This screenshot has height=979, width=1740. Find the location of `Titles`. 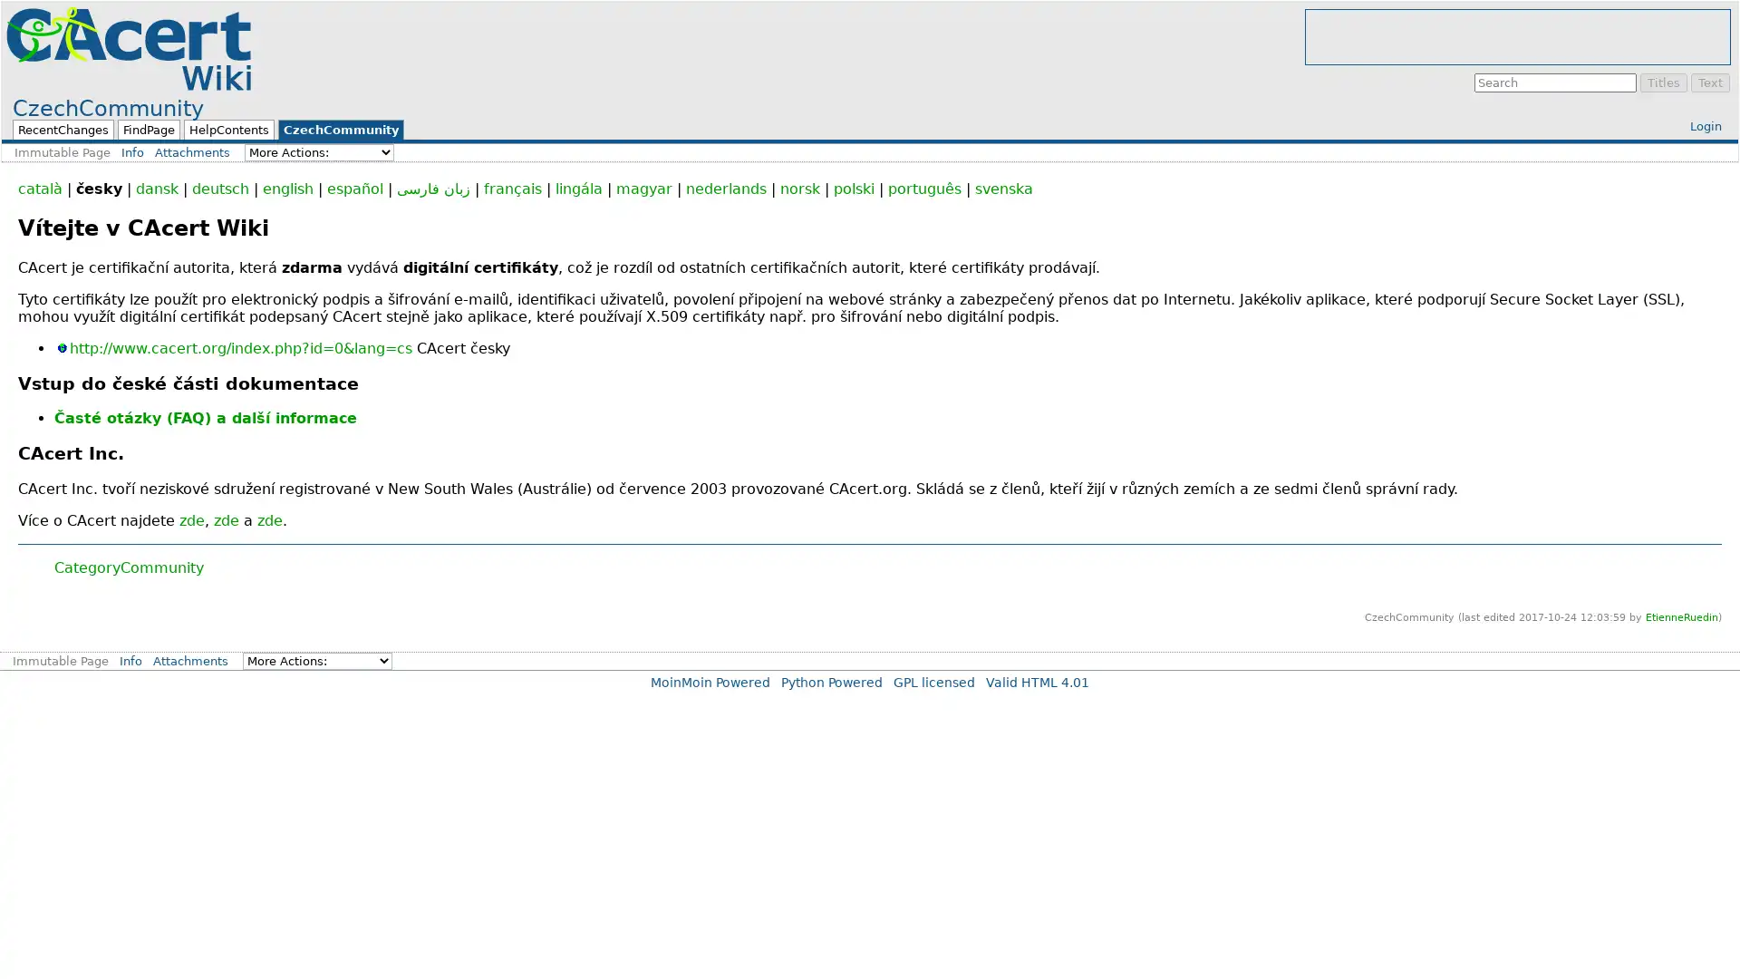

Titles is located at coordinates (1664, 82).